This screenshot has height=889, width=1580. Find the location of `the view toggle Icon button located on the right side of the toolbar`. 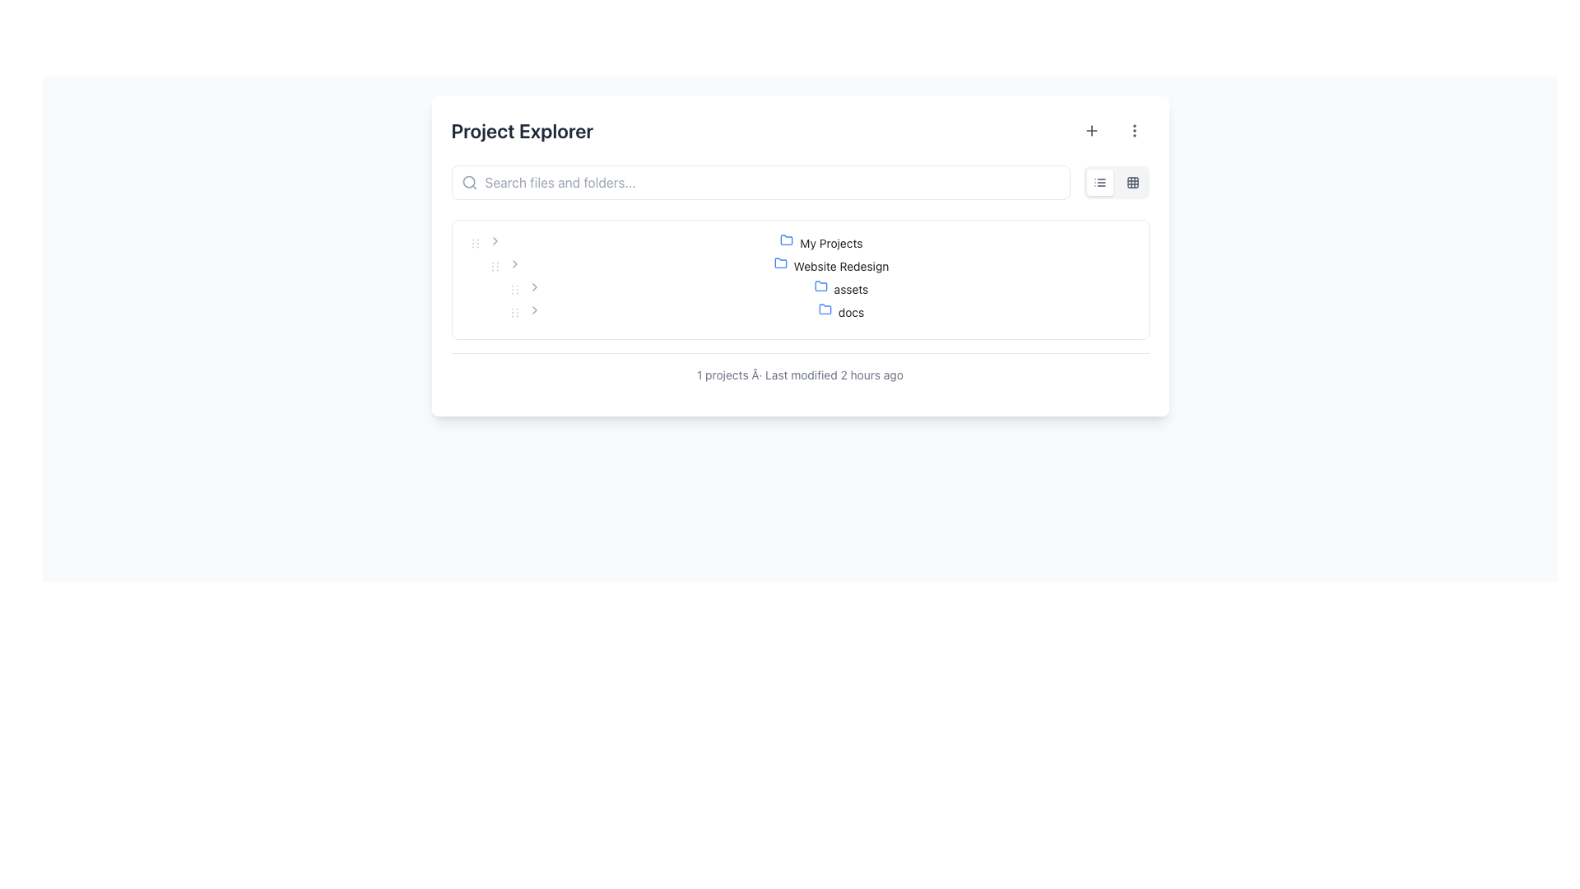

the view toggle Icon button located on the right side of the toolbar is located at coordinates (1132, 183).